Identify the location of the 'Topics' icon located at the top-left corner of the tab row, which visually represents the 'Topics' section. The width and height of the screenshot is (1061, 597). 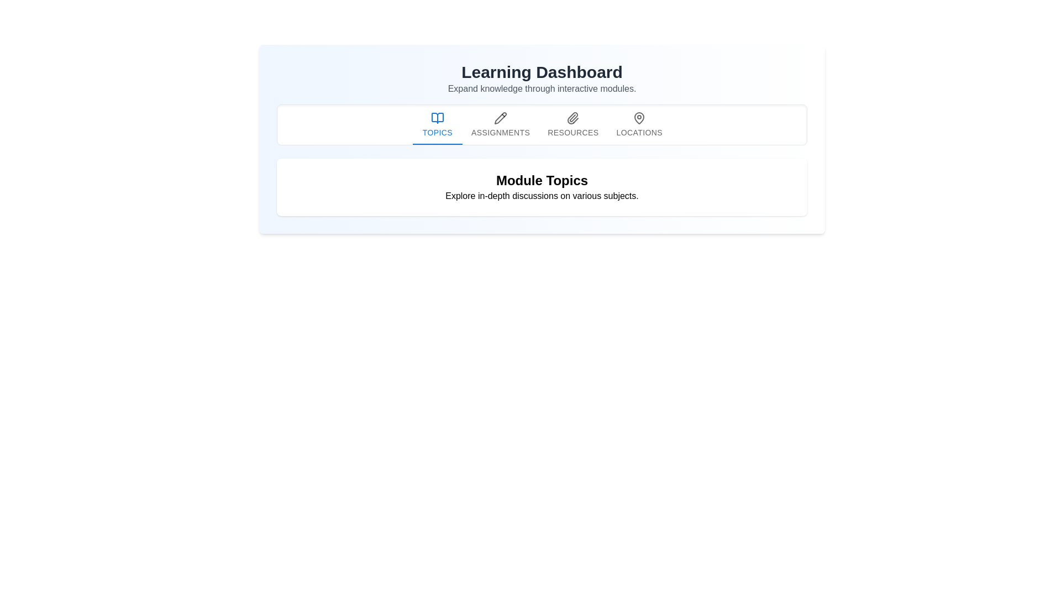
(437, 118).